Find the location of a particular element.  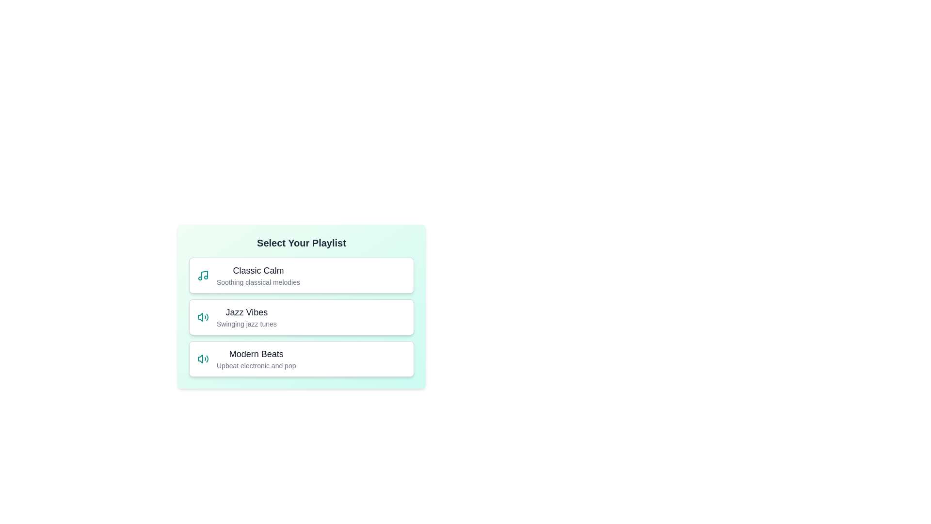

text element displaying 'Upbeat electronic and pop', which is styled with a smaller font size and gray color, located below 'Modern Beats' is located at coordinates (256, 365).